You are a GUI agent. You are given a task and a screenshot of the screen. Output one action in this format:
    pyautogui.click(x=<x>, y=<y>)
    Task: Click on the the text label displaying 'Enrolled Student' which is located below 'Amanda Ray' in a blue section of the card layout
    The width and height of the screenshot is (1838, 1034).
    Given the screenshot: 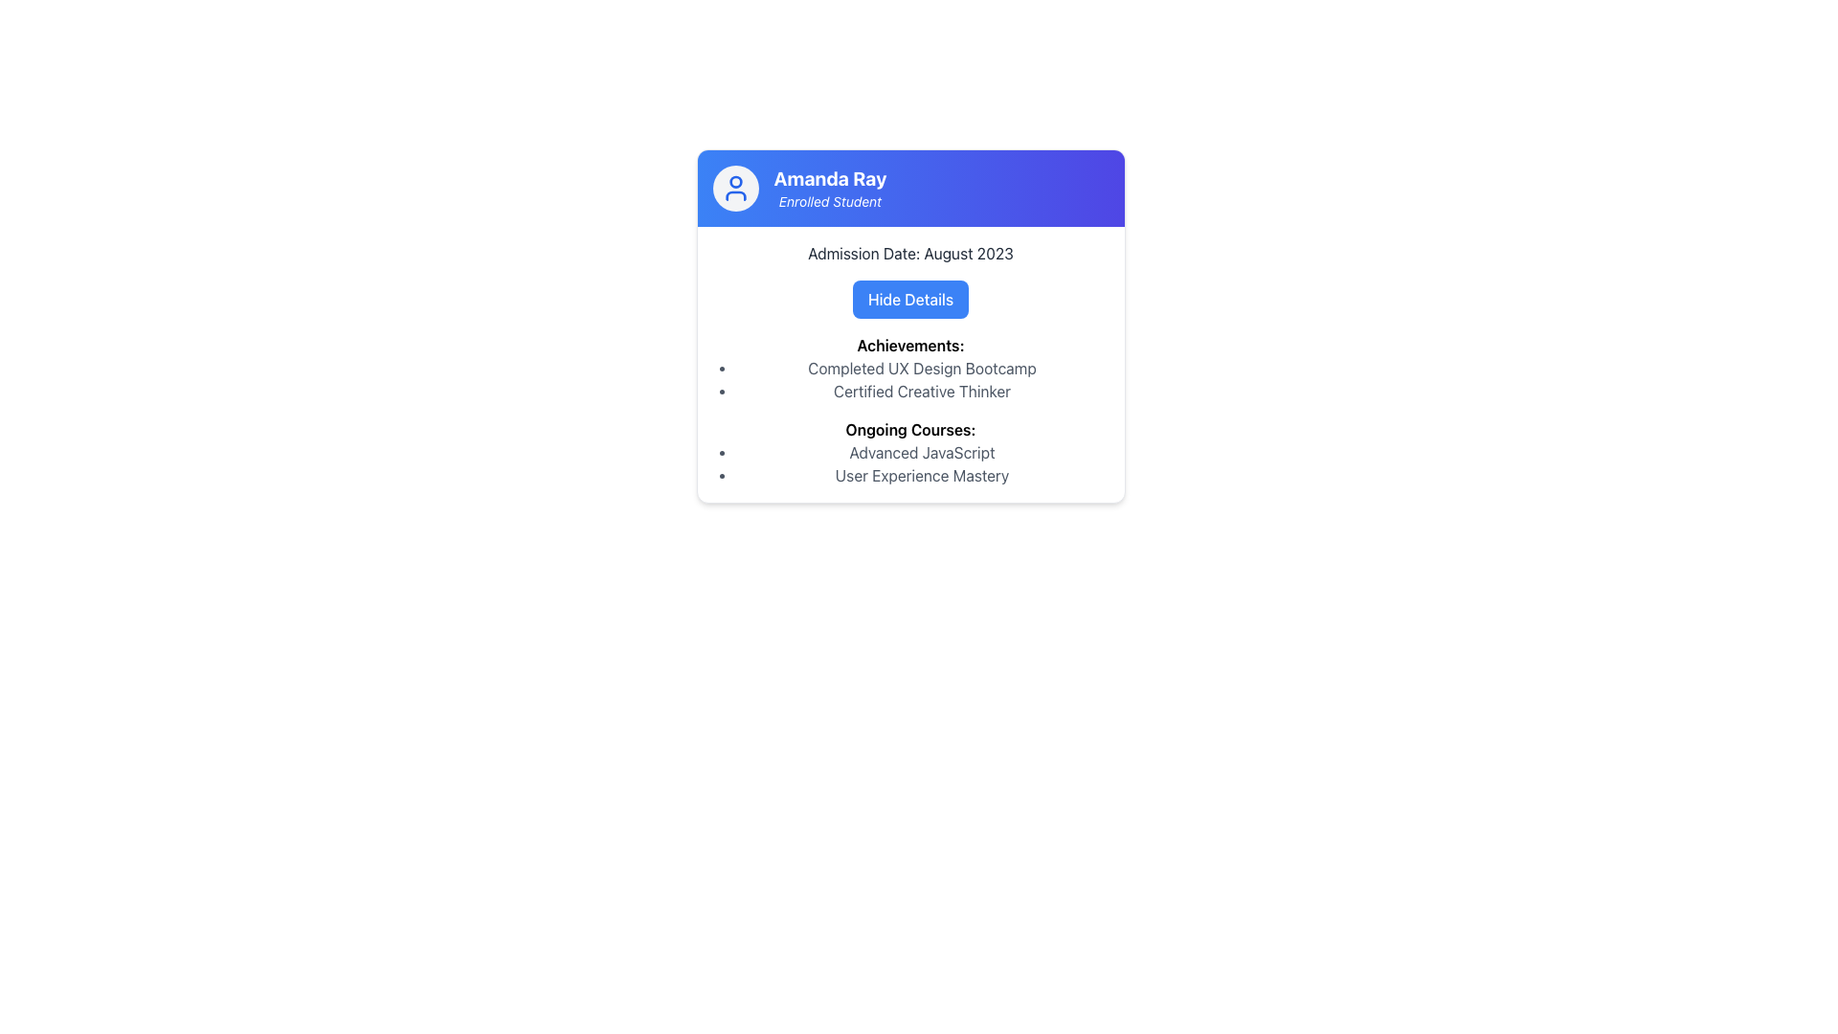 What is the action you would take?
    pyautogui.click(x=830, y=202)
    